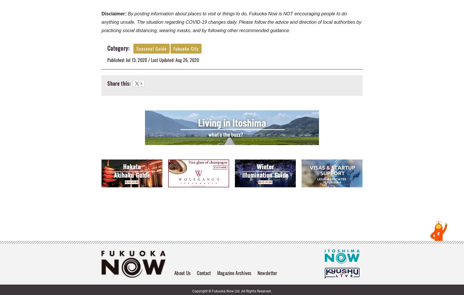 Image resolution: width=464 pixels, height=295 pixels. Describe the element at coordinates (118, 83) in the screenshot. I see `'Share this:'` at that location.